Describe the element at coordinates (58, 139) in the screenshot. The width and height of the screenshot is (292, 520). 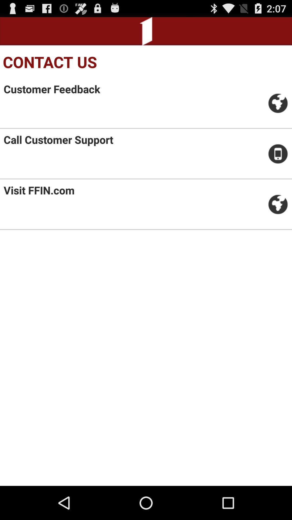
I see `the item below the customer feedback` at that location.